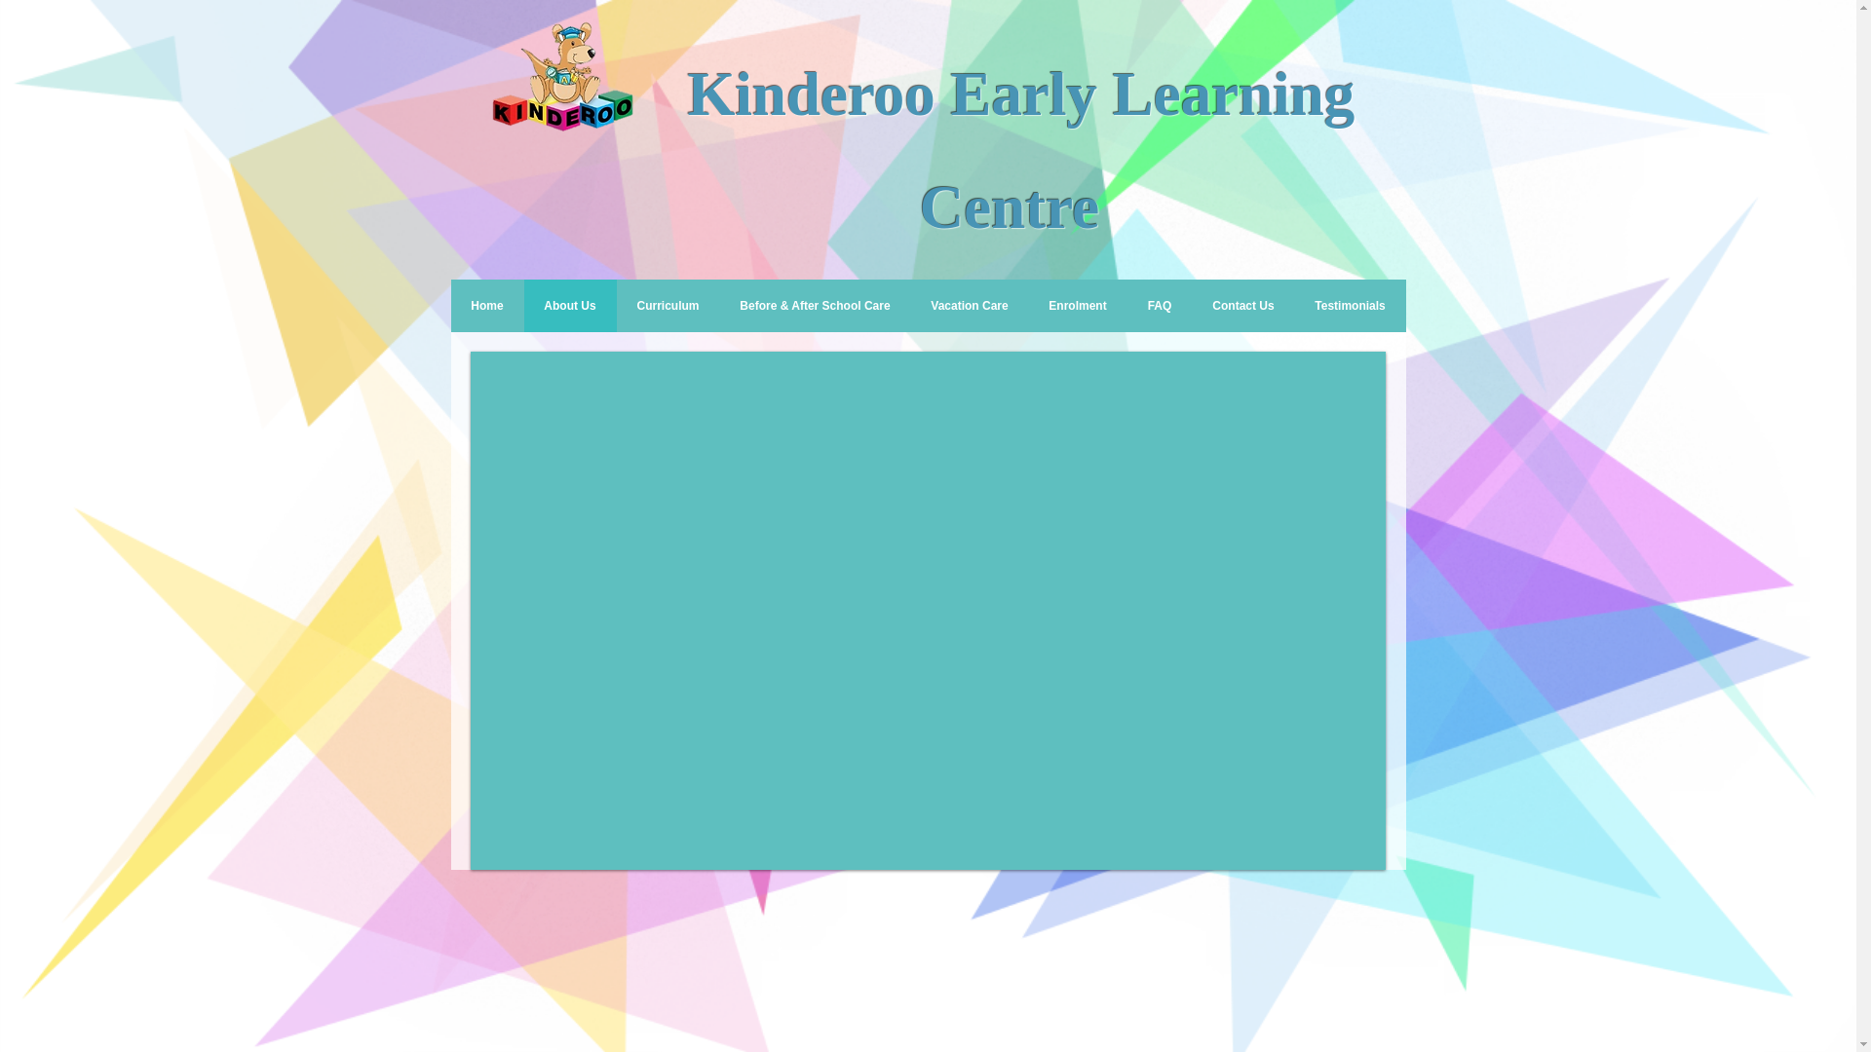 This screenshot has height=1052, width=1871. Describe the element at coordinates (1028, 305) in the screenshot. I see `'Enrolment'` at that location.